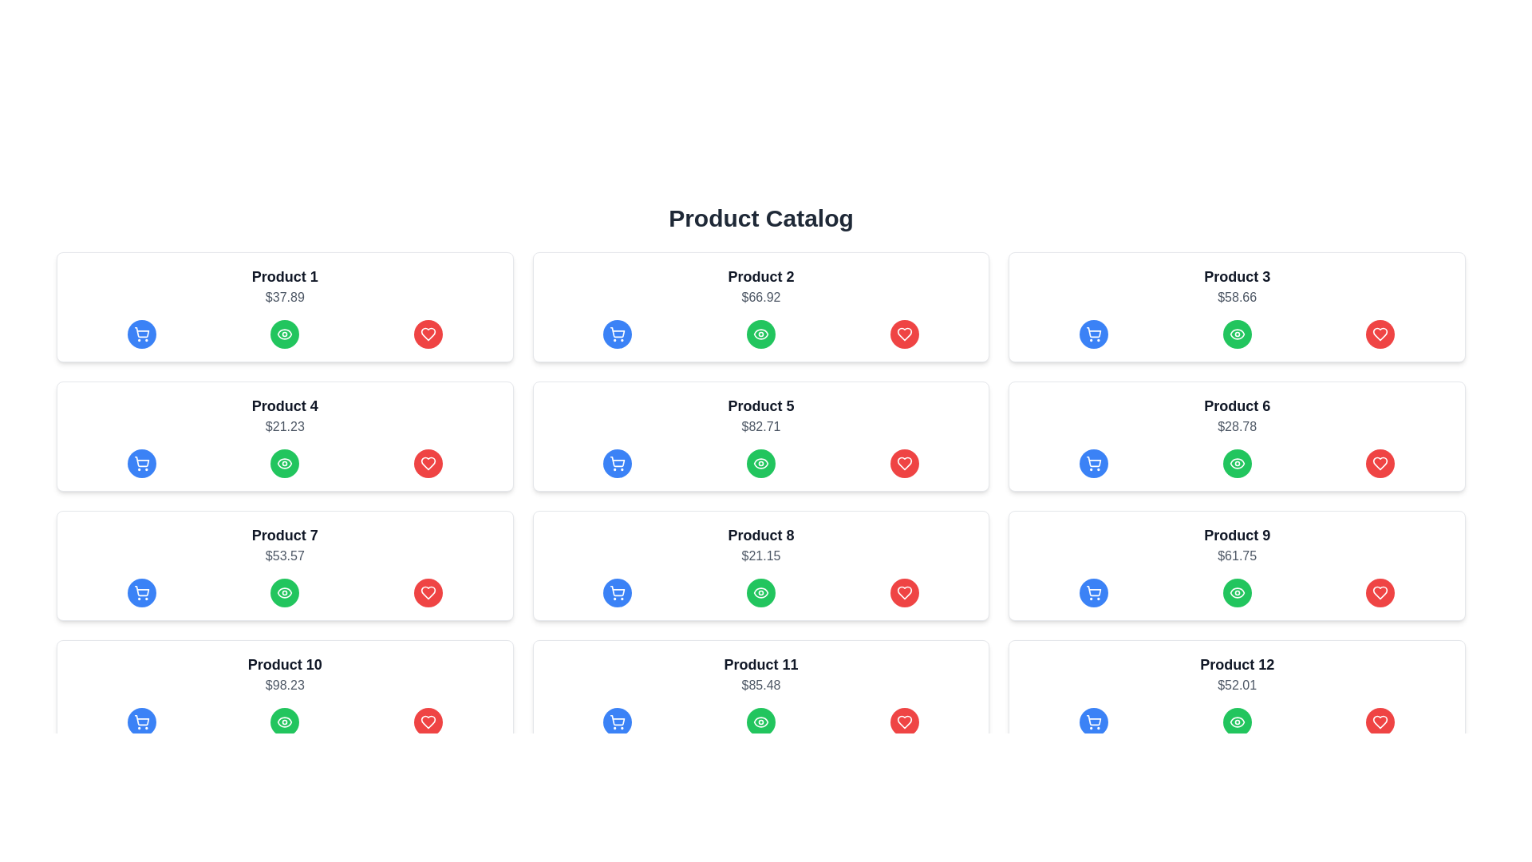 Image resolution: width=1532 pixels, height=862 pixels. I want to click on the text label displaying the product name 'Product 11' located at the top center of the product card, so click(760, 665).